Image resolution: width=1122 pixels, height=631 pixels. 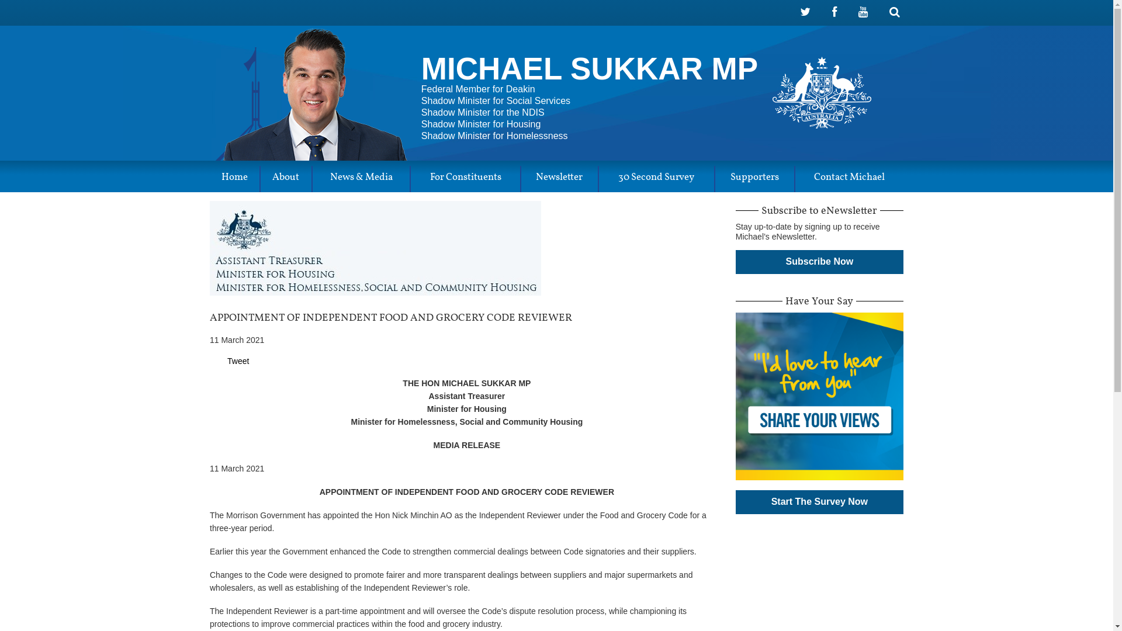 I want to click on 'Tweet', so click(x=237, y=360).